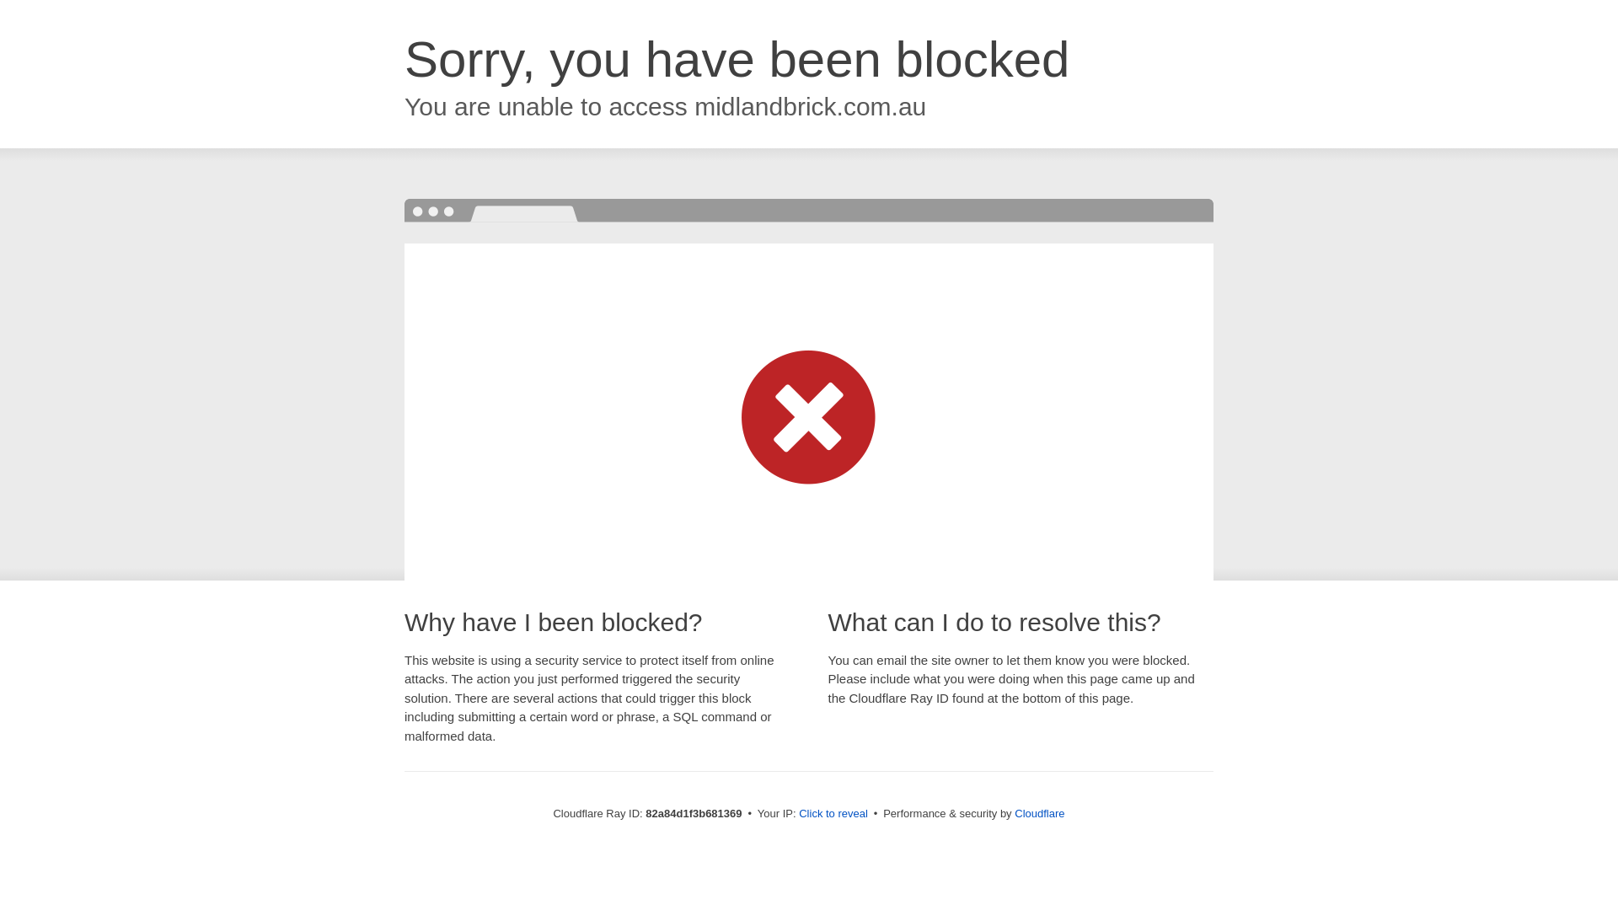 This screenshot has width=1618, height=910. Describe the element at coordinates (1038, 812) in the screenshot. I see `'Cloudflare'` at that location.